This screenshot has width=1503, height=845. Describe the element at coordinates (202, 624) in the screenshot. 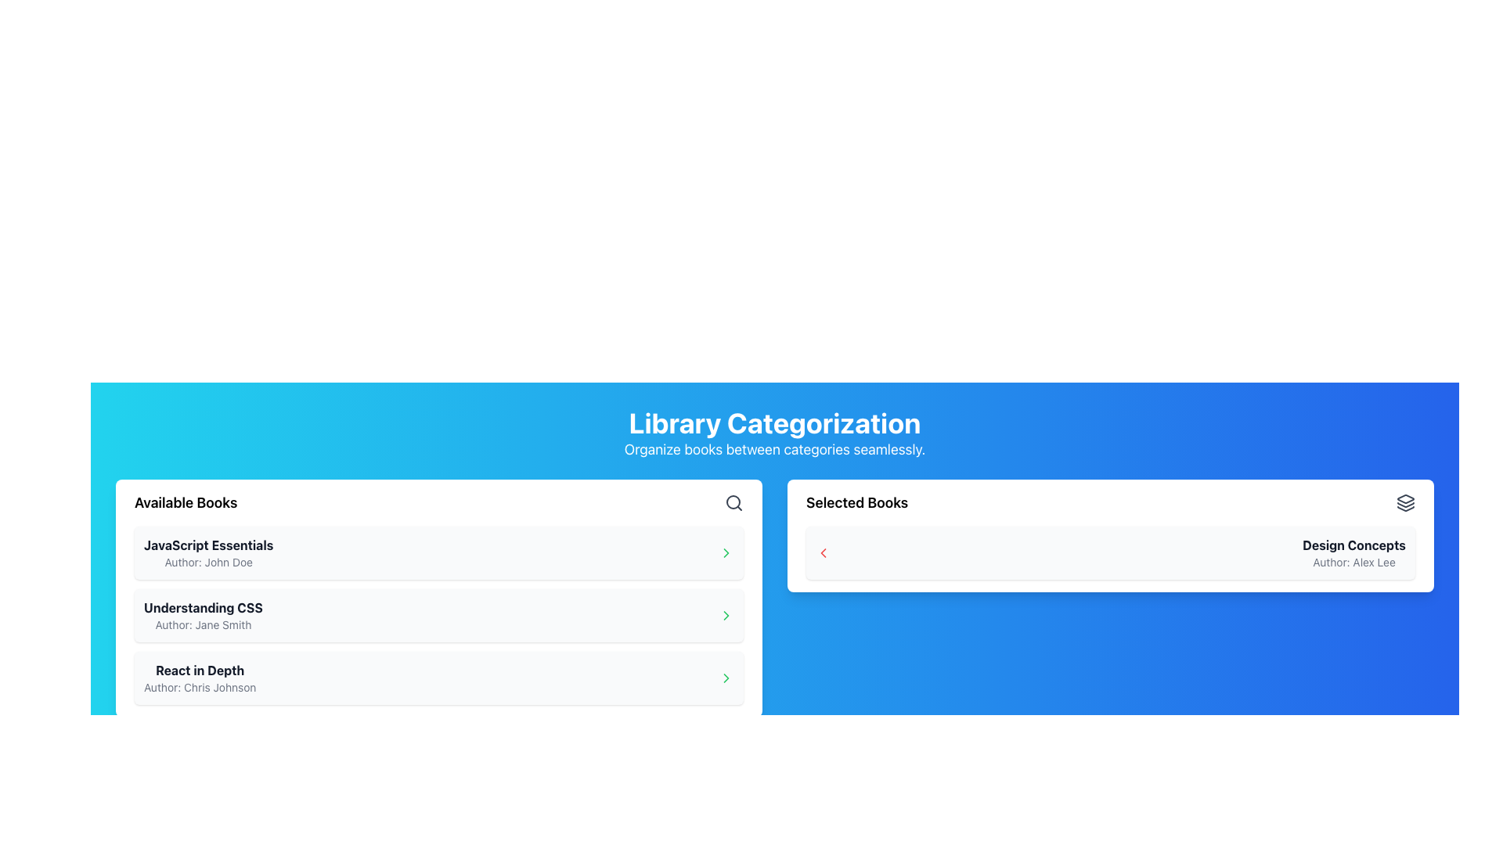

I see `the text label displaying 'Author: Jane Smith' located under the title 'Understanding CSS' in the 'Available Books' section` at that location.